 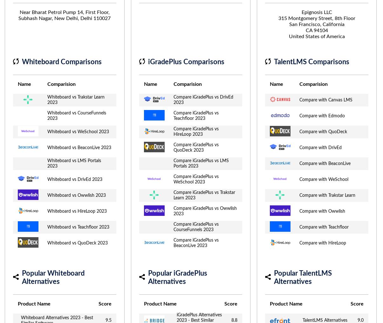 What do you see at coordinates (299, 163) in the screenshot?
I see `'Compare with BeaconLive'` at bounding box center [299, 163].